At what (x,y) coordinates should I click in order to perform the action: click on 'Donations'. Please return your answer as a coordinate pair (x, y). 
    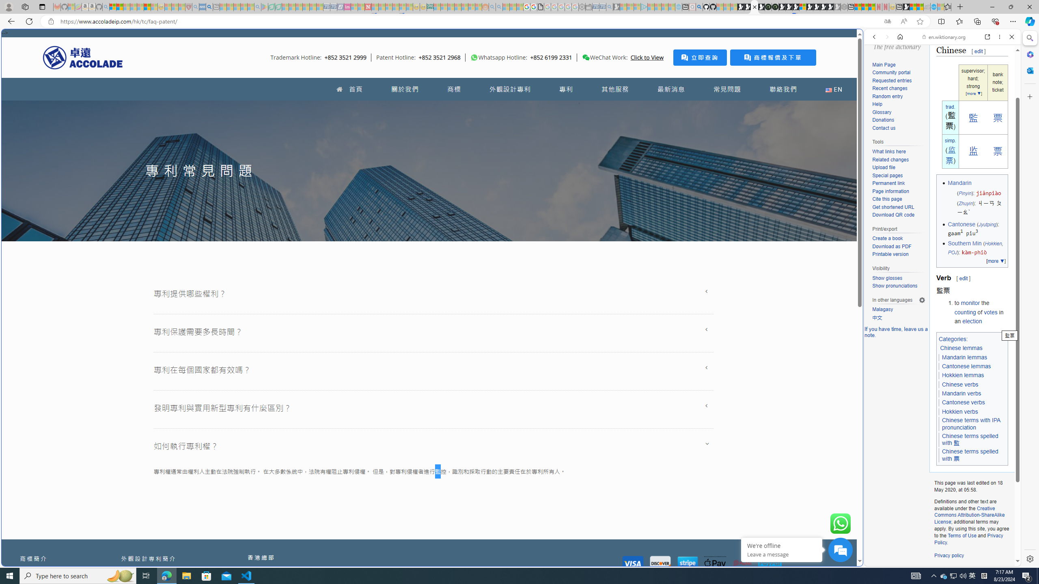
    Looking at the image, I should click on (883, 120).